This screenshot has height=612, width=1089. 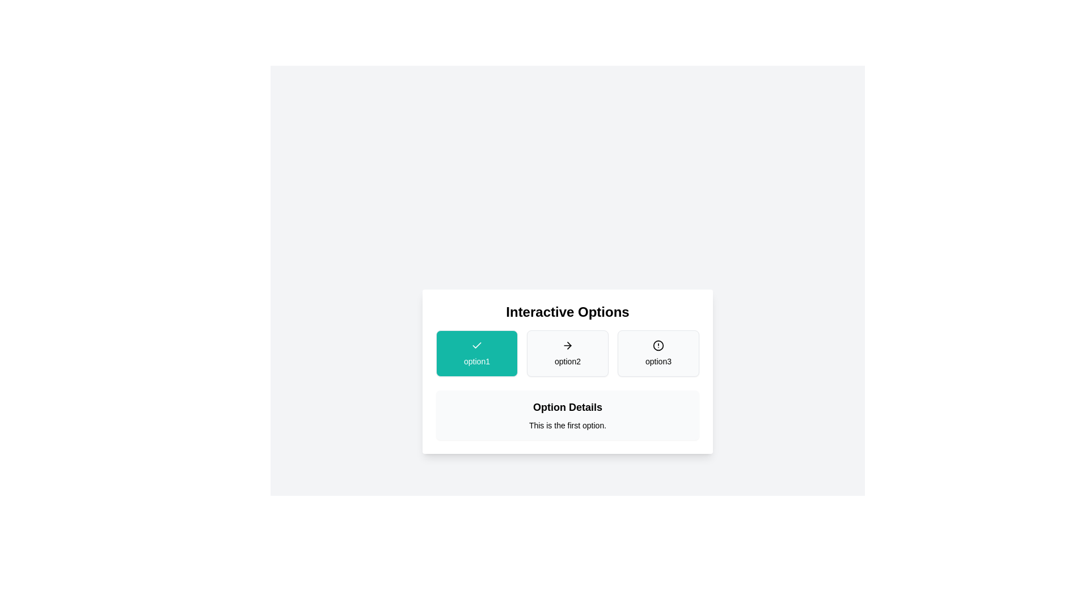 I want to click on the checkmark icon with a teal background located above the 'option1' text to interact with it, so click(x=476, y=345).